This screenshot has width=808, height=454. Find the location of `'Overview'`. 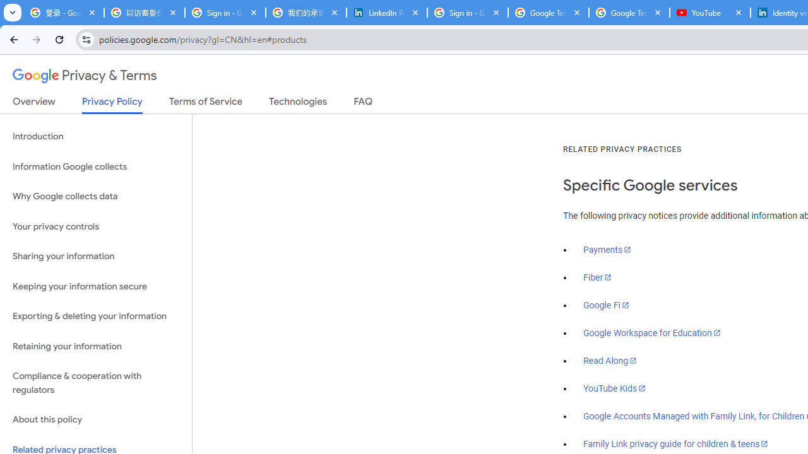

'Overview' is located at coordinates (34, 103).